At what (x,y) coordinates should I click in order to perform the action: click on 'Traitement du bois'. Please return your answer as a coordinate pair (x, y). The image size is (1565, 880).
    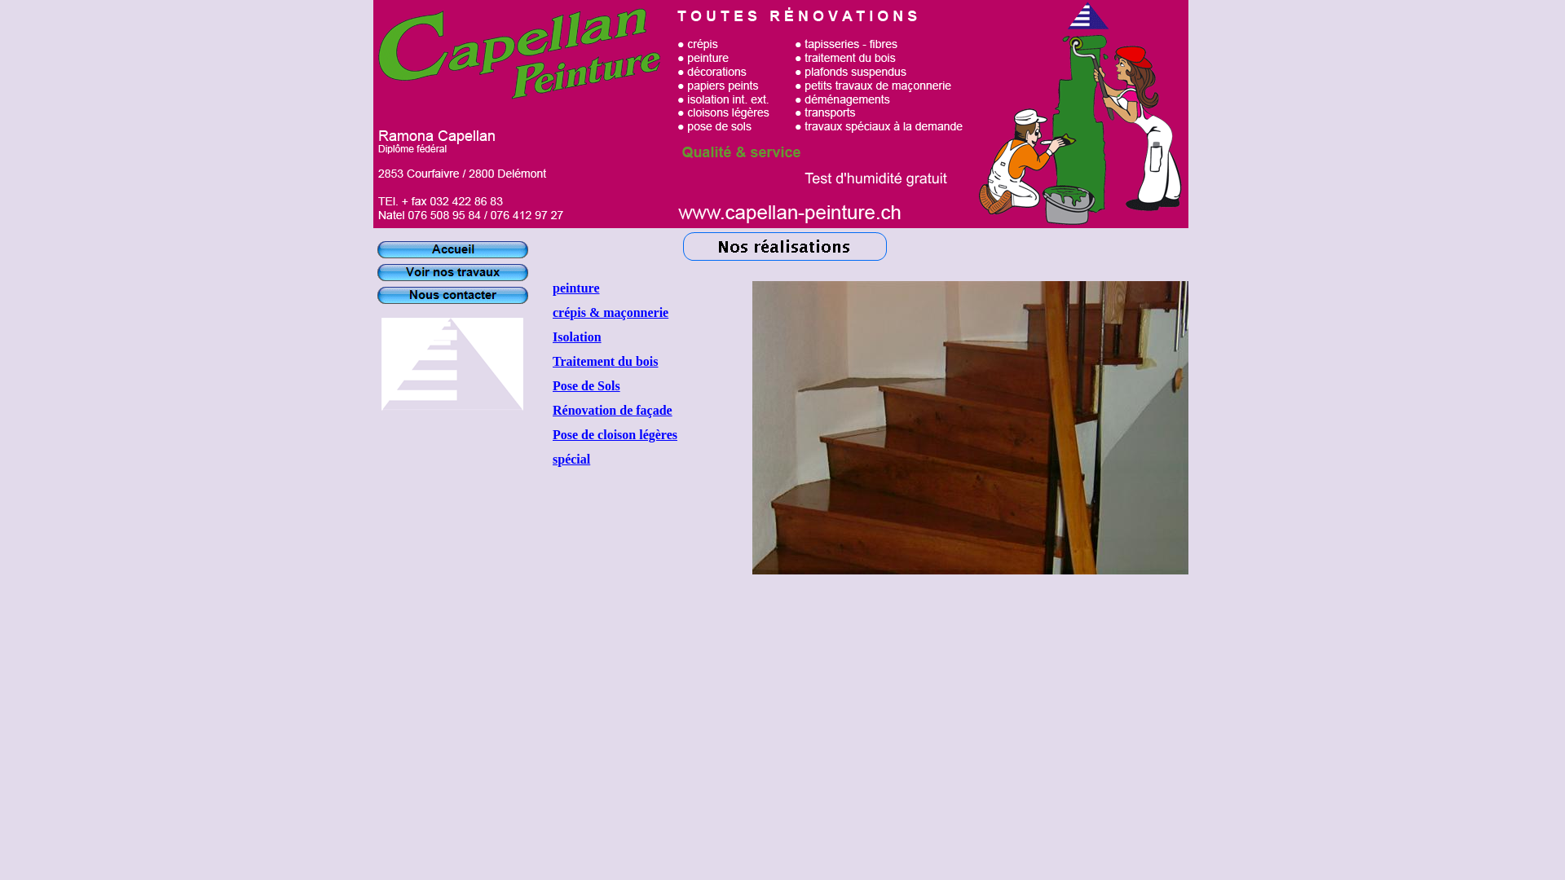
    Looking at the image, I should click on (552, 360).